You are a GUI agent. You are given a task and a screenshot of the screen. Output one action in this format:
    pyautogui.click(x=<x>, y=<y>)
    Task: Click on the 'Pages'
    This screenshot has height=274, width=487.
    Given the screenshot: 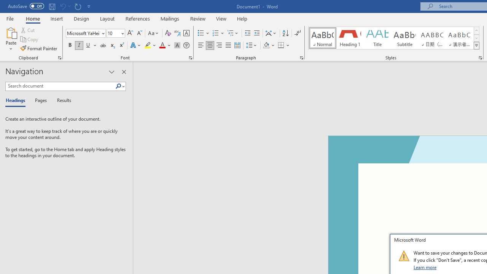 What is the action you would take?
    pyautogui.click(x=40, y=100)
    